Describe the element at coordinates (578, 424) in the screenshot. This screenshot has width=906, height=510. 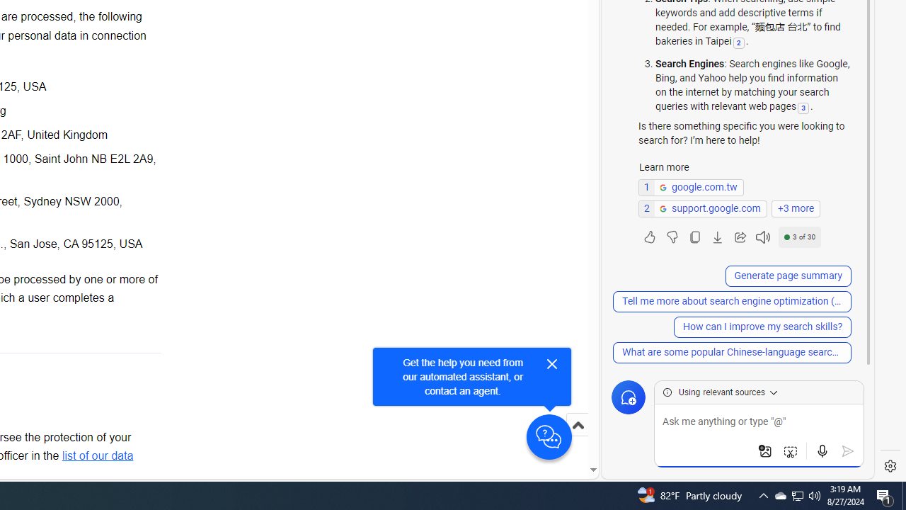
I see `'Scroll to top'` at that location.